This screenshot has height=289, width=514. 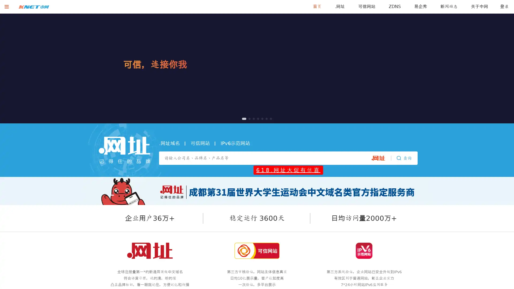 What do you see at coordinates (243, 118) in the screenshot?
I see `Go to slide 1` at bounding box center [243, 118].